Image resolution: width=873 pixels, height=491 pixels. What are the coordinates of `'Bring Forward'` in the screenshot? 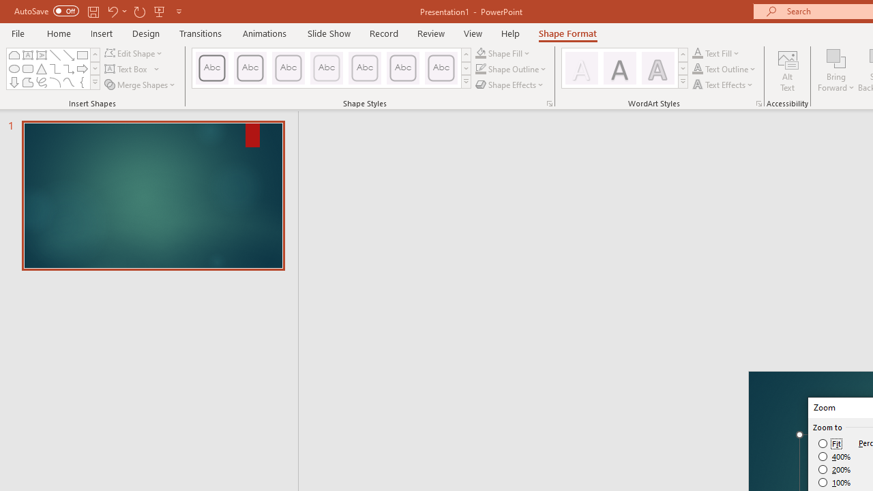 It's located at (835, 70).